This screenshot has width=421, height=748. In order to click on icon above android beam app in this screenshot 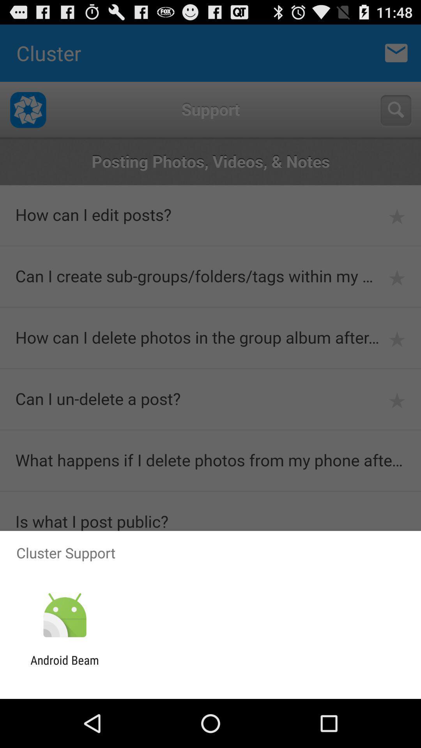, I will do `click(64, 615)`.